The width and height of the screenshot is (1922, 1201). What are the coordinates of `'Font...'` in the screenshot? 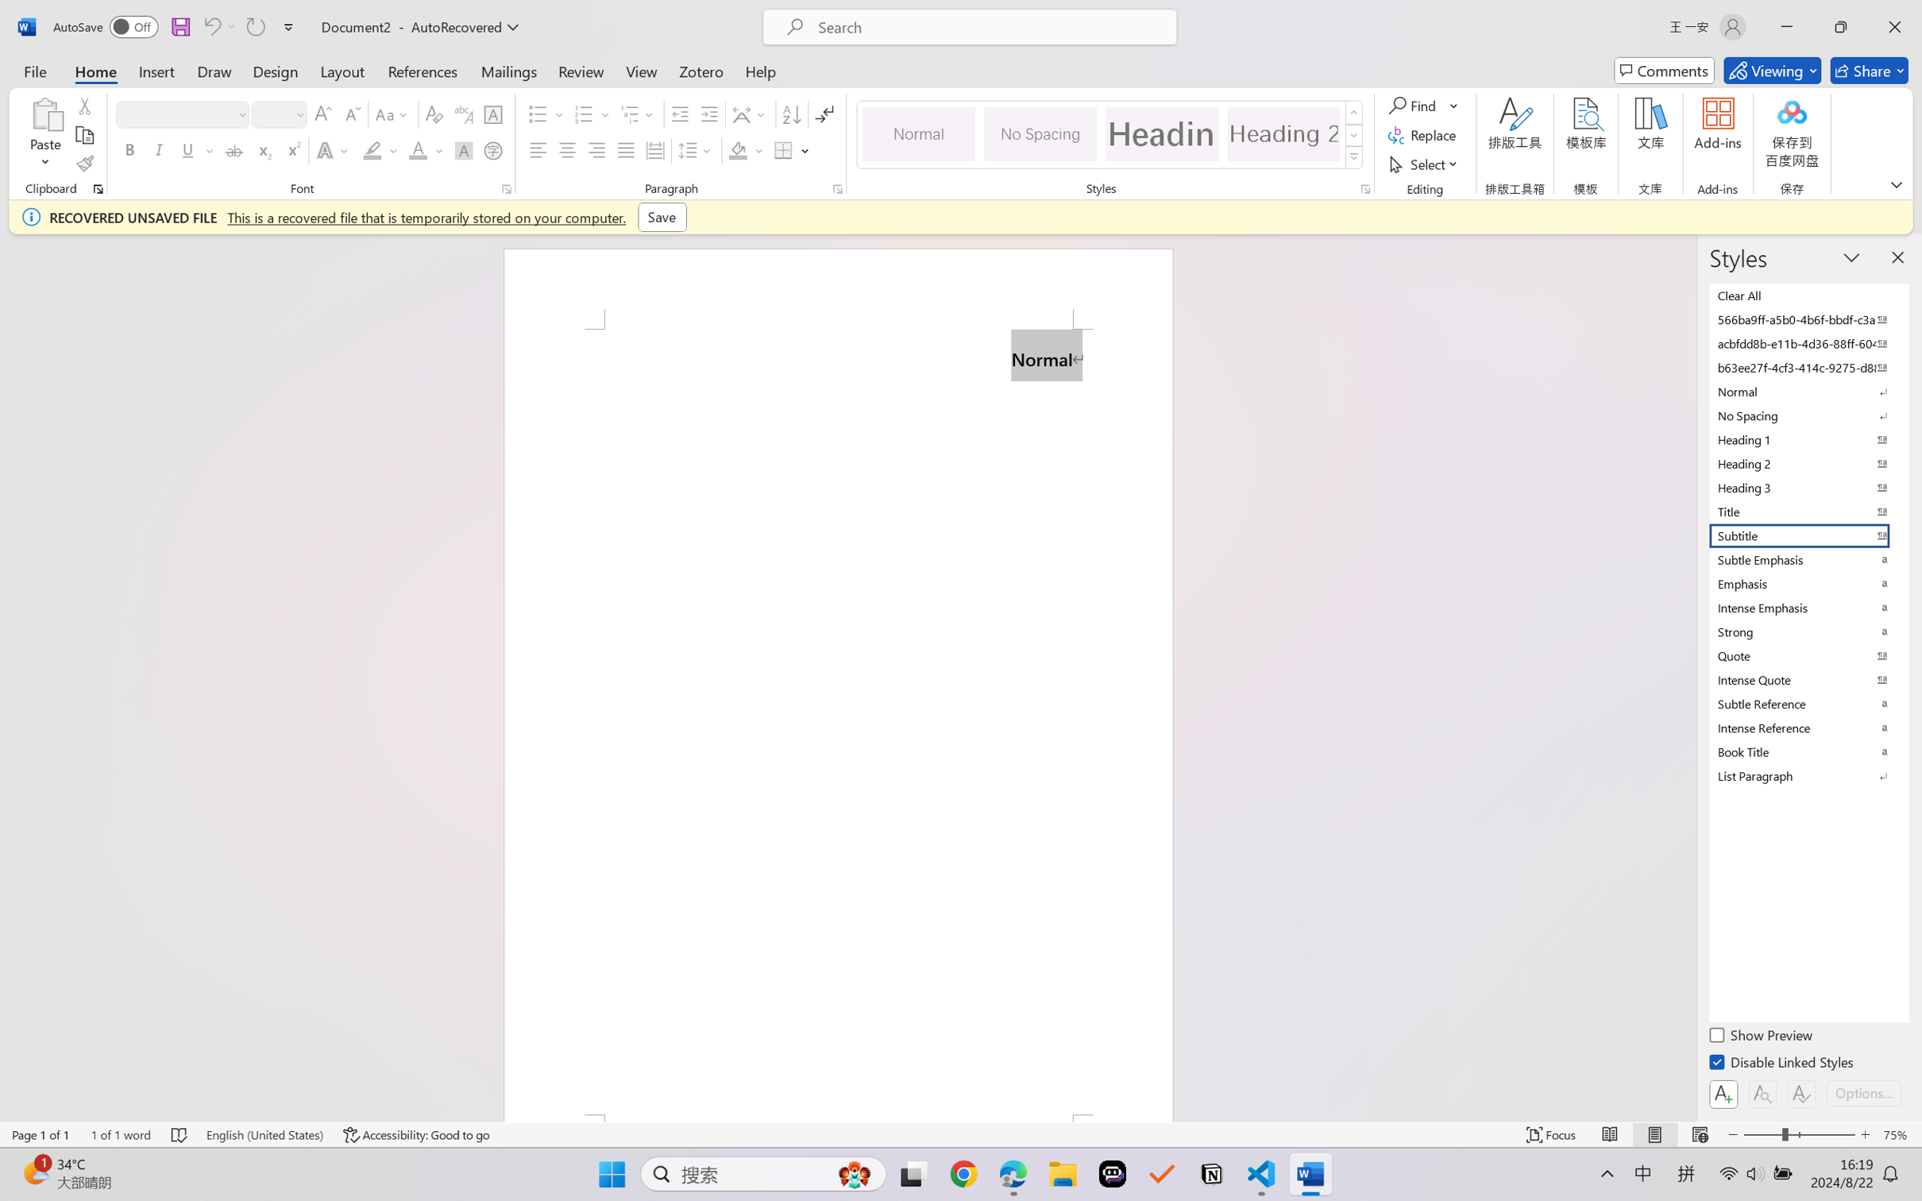 It's located at (506, 188).